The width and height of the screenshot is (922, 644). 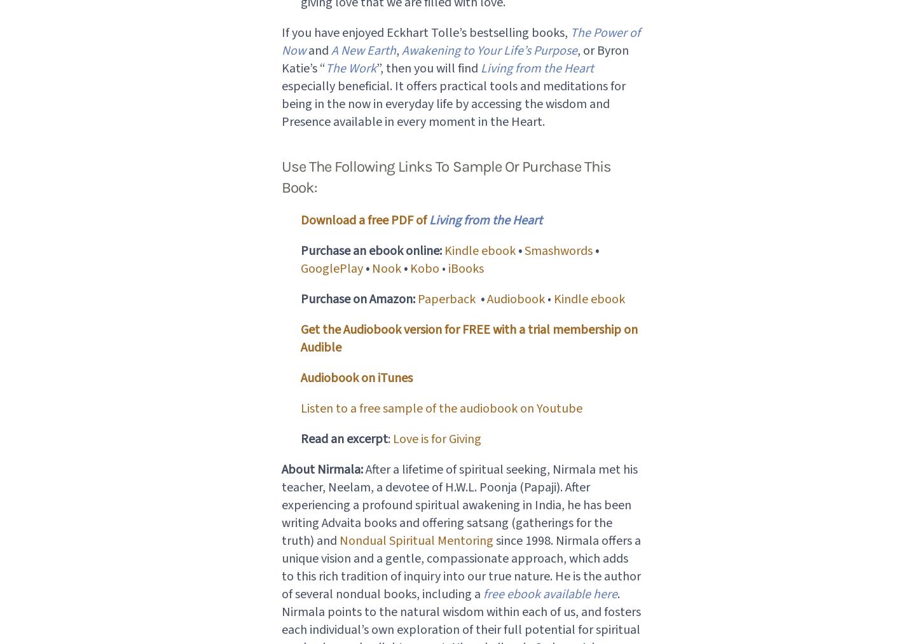 I want to click on 'le', so click(x=468, y=250).